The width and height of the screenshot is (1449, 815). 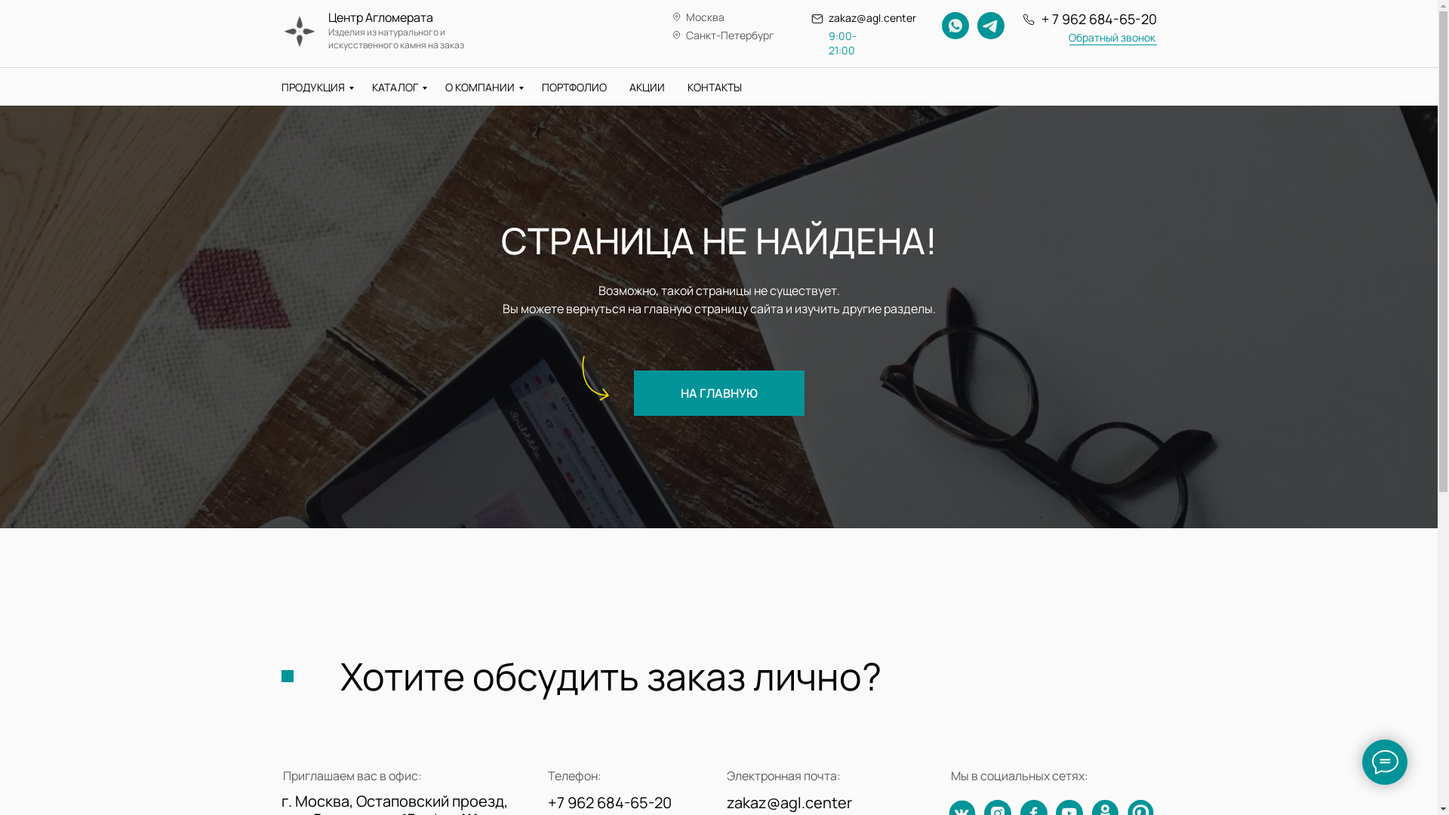 What do you see at coordinates (828, 17) in the screenshot?
I see `'zakaz@agl.center'` at bounding box center [828, 17].